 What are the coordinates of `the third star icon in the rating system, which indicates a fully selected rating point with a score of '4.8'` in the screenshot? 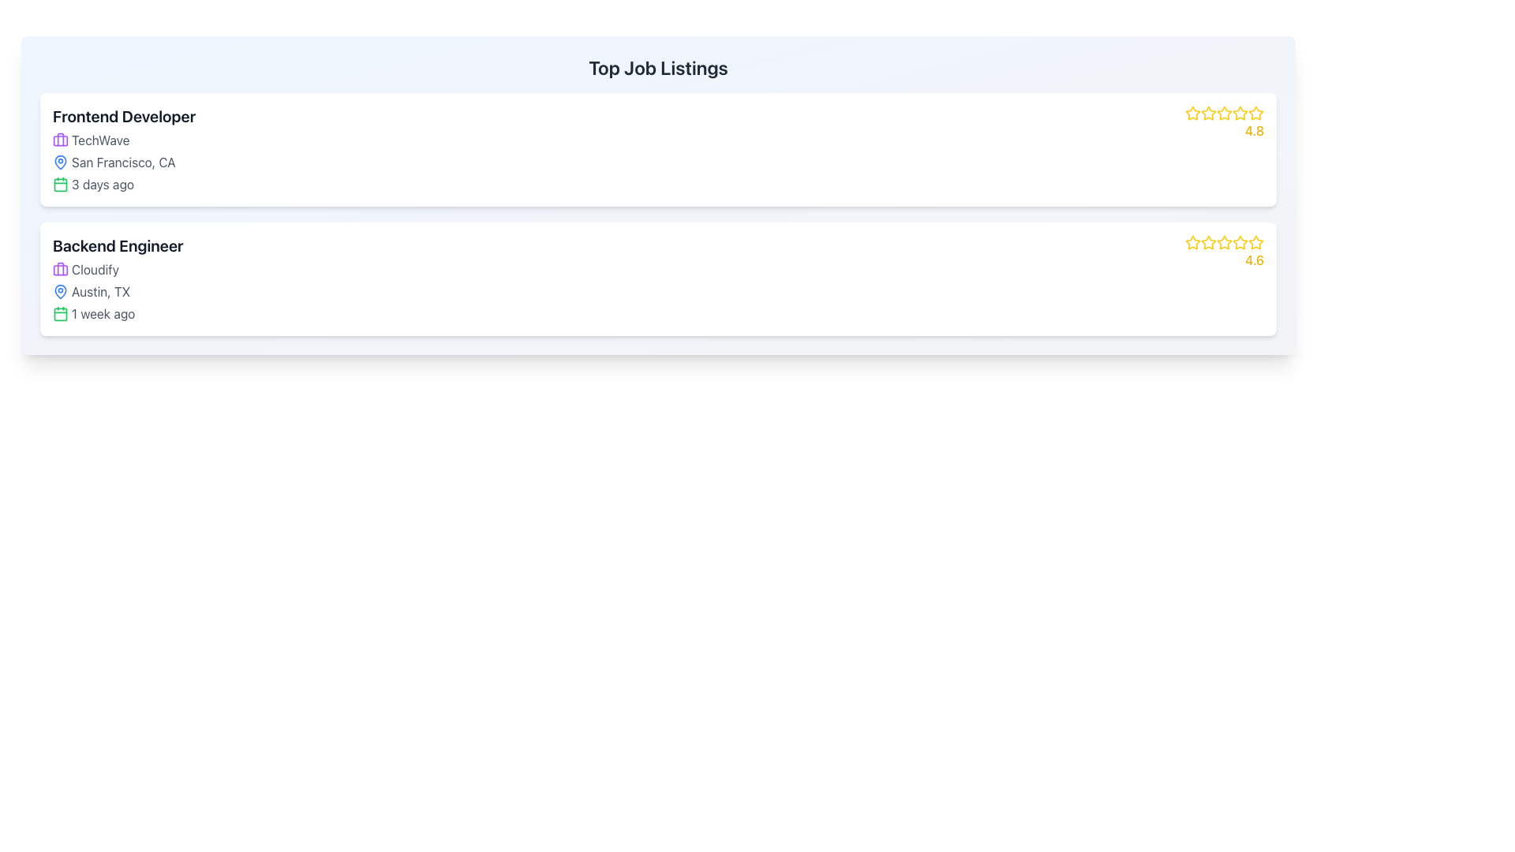 It's located at (1223, 112).